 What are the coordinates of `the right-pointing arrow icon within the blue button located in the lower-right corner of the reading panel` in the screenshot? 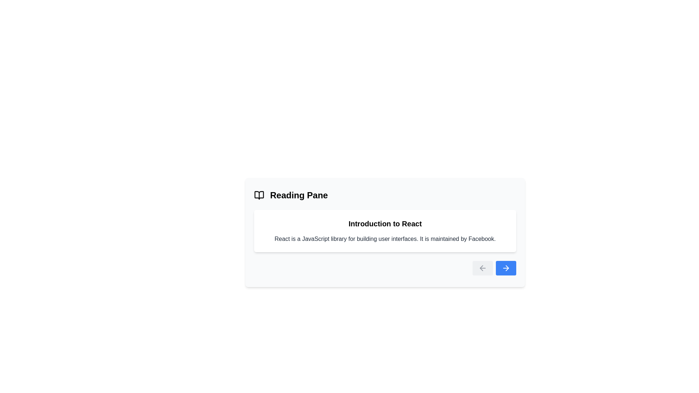 It's located at (506, 268).